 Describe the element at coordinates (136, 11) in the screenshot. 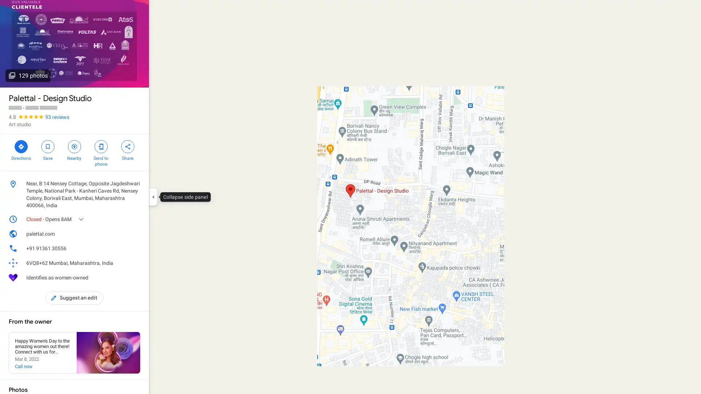

I see `Clear search` at that location.